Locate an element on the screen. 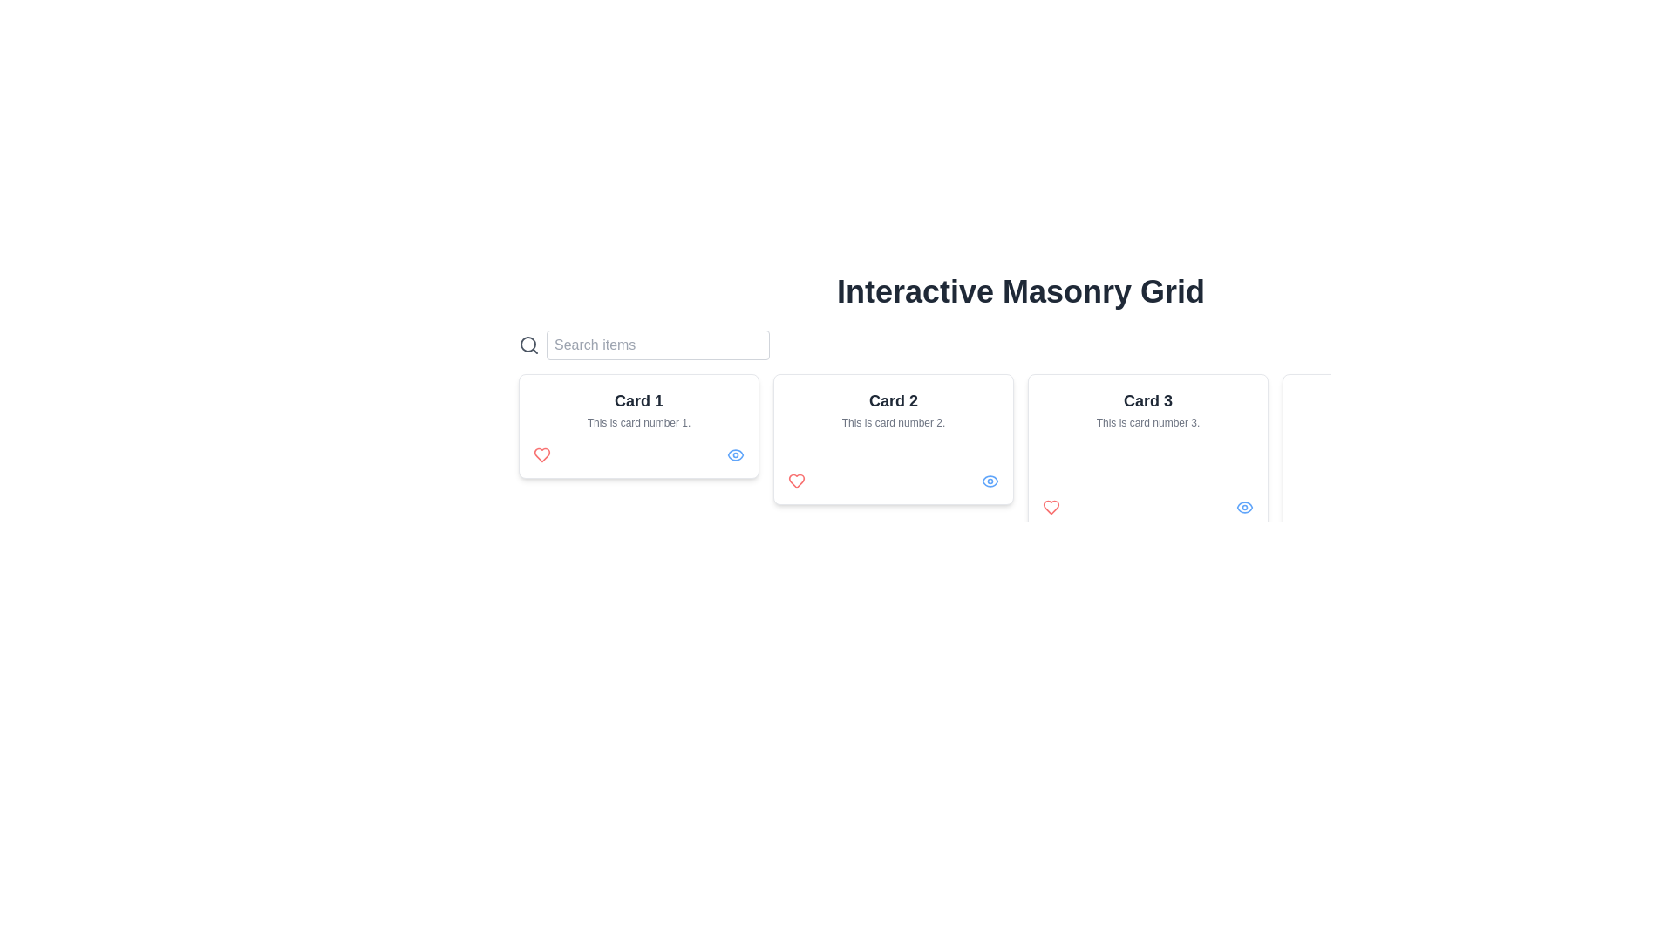 Image resolution: width=1674 pixels, height=942 pixels. the circular icon depicting a magnifying glass, which represents search functionality, located at the left side of the search bar near the top-left of the interface is located at coordinates (527, 344).